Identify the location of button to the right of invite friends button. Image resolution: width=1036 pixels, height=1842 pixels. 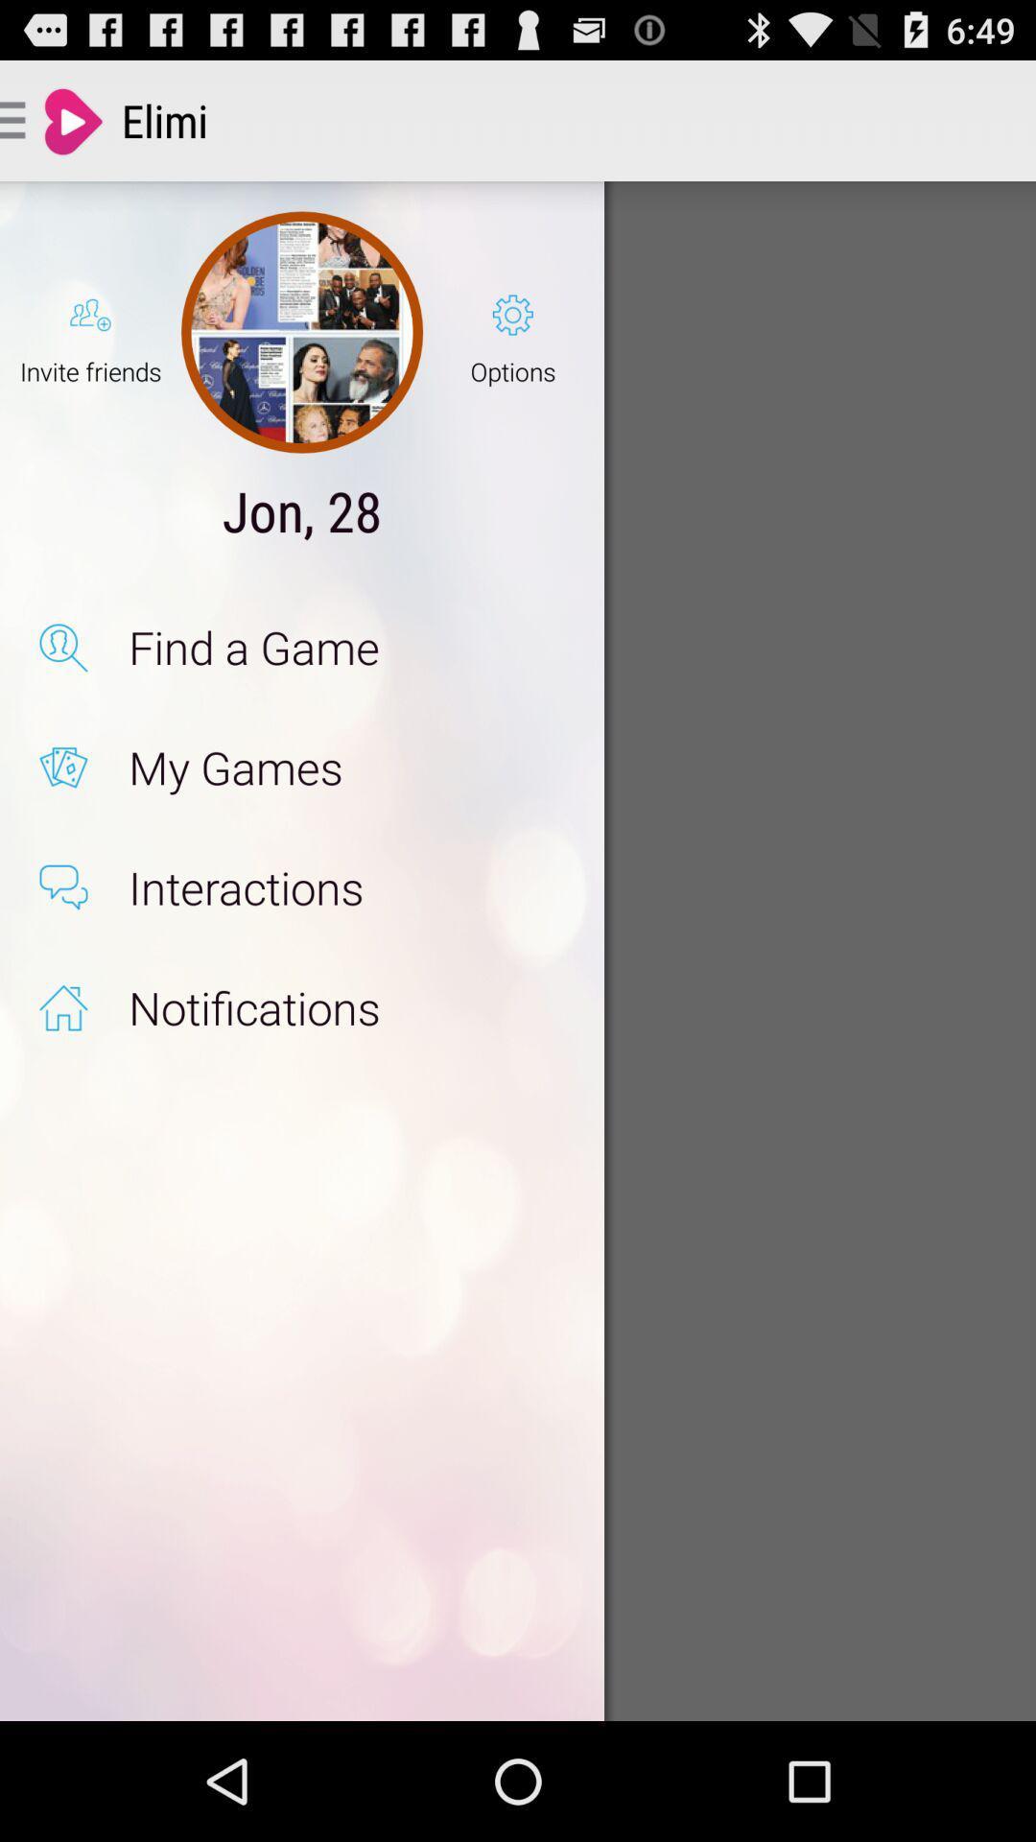
(302, 332).